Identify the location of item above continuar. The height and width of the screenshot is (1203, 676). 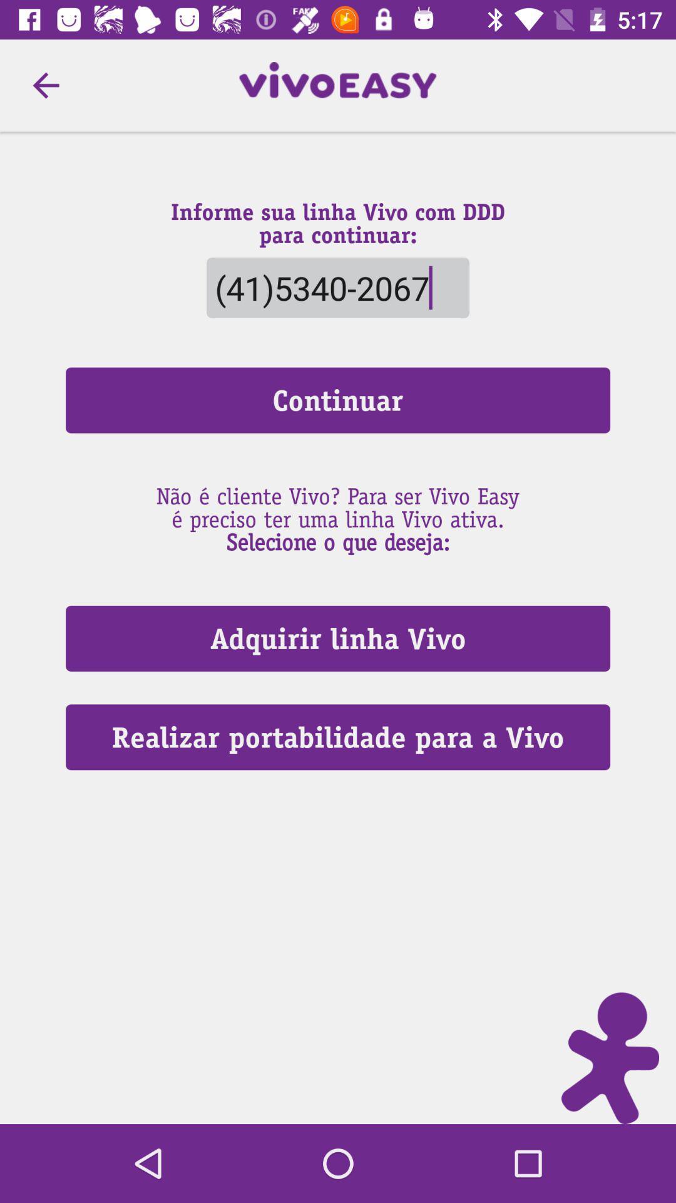
(45, 85).